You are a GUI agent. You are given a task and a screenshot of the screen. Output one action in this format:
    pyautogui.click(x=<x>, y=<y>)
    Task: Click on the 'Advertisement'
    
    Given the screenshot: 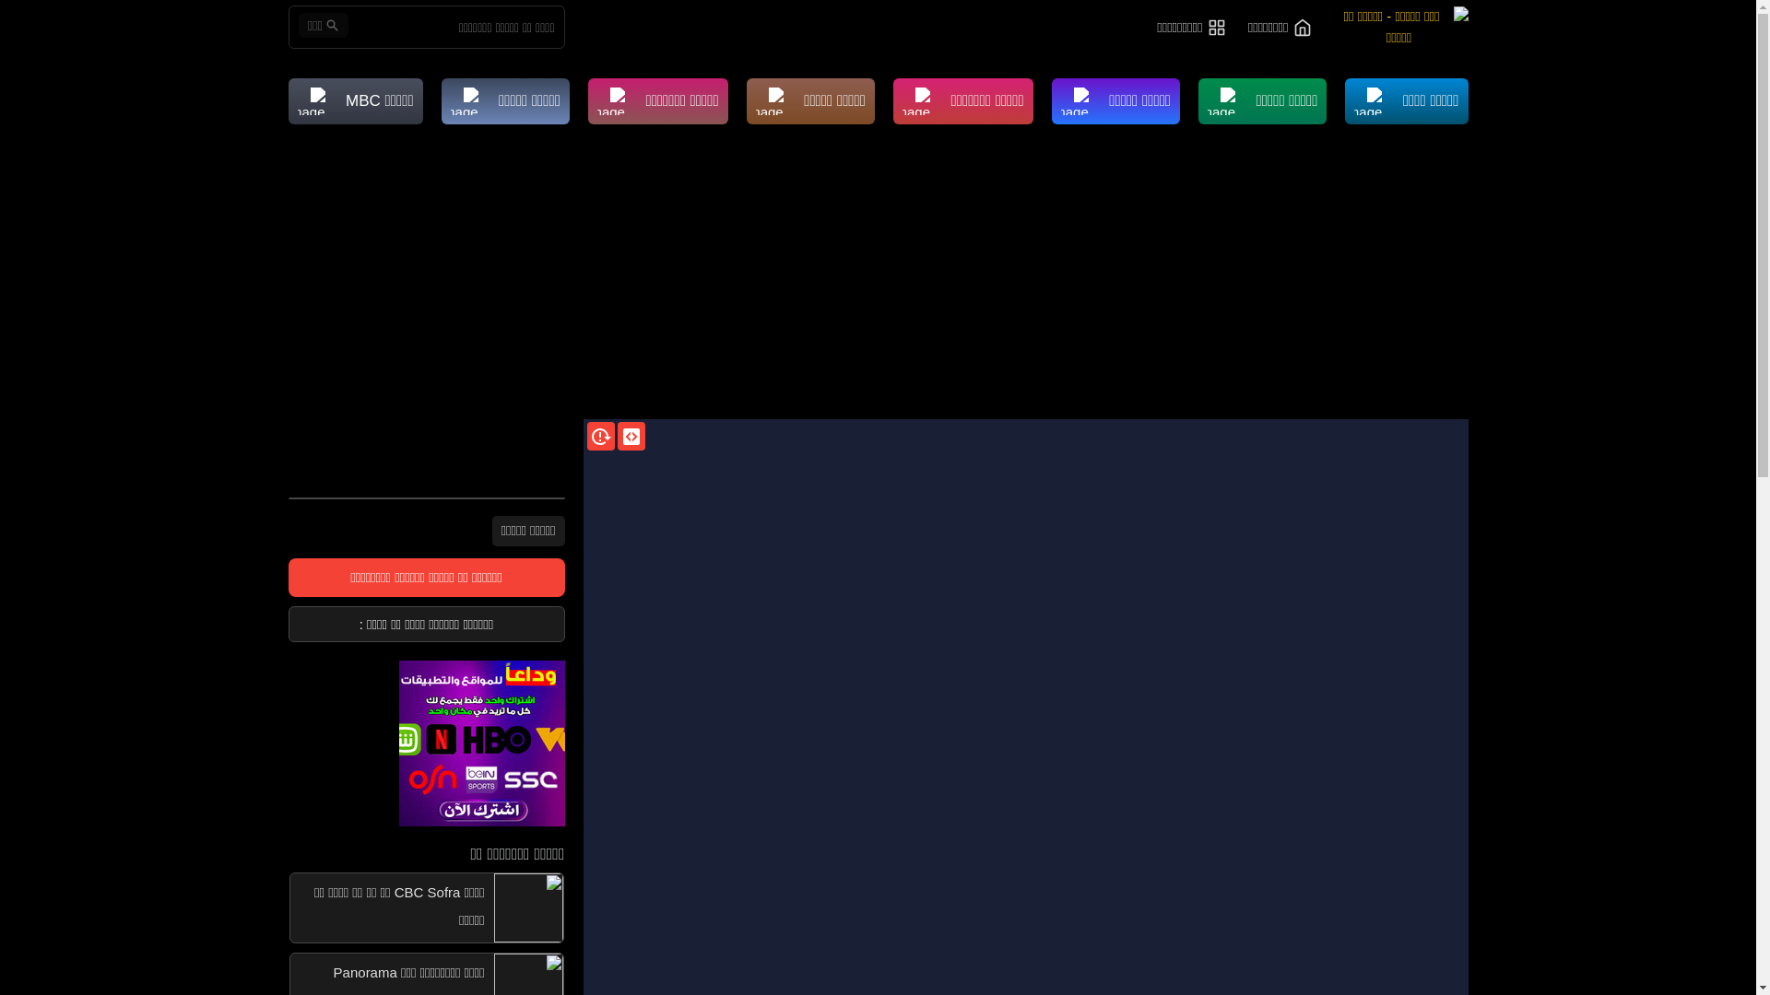 What is the action you would take?
    pyautogui.click(x=876, y=280)
    